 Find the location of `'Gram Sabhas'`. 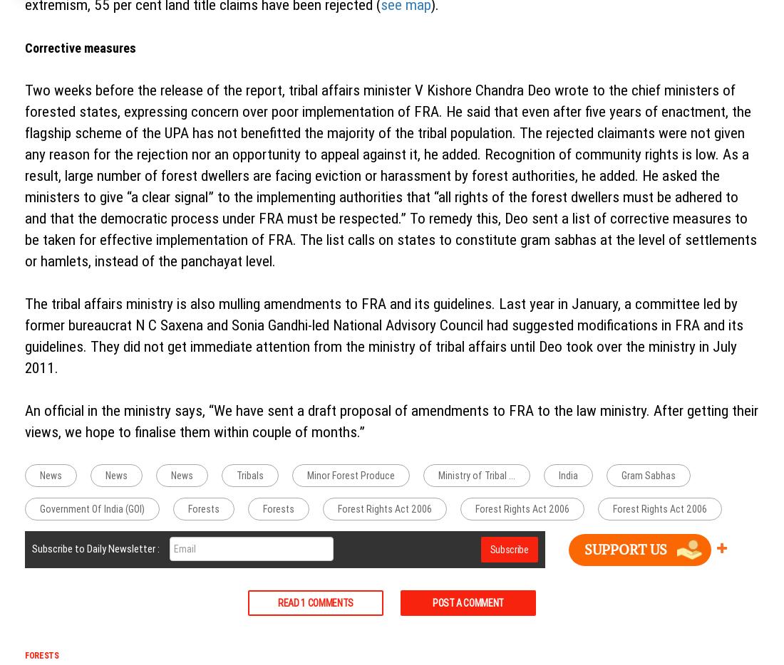

'Gram Sabhas' is located at coordinates (649, 474).